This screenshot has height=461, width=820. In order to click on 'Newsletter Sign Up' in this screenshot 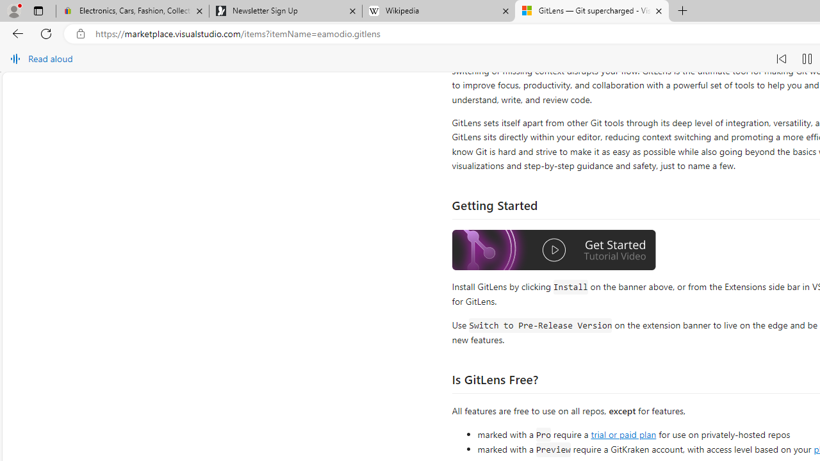, I will do `click(284, 11)`.